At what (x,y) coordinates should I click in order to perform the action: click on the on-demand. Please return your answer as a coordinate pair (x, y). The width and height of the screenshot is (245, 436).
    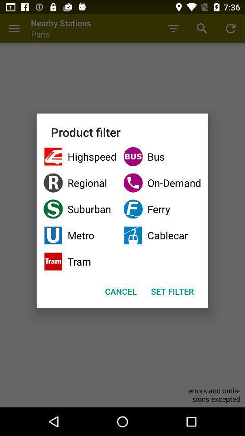
    Looking at the image, I should click on (162, 182).